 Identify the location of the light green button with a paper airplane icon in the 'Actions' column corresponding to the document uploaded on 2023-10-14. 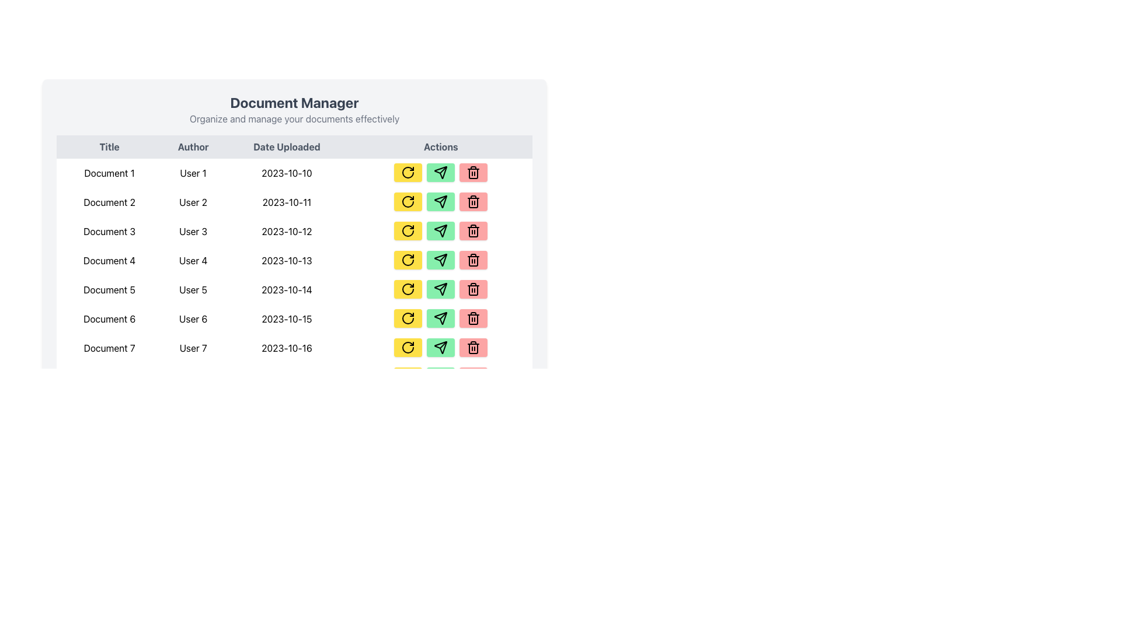
(440, 289).